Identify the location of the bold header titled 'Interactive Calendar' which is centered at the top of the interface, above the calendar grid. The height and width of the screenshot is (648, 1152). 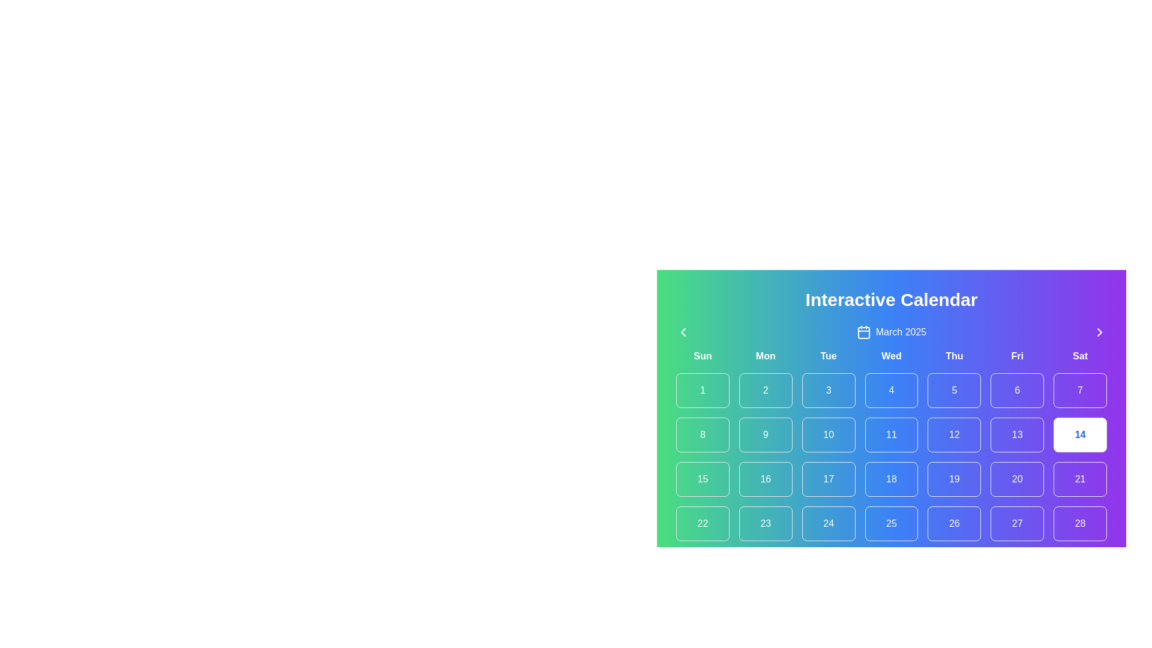
(892, 299).